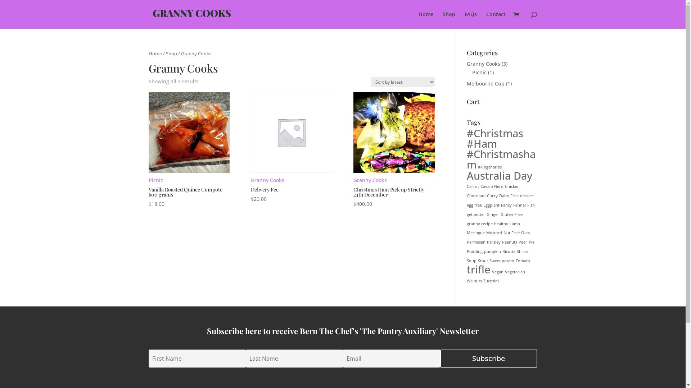  Describe the element at coordinates (501, 223) in the screenshot. I see `'healthy'` at that location.